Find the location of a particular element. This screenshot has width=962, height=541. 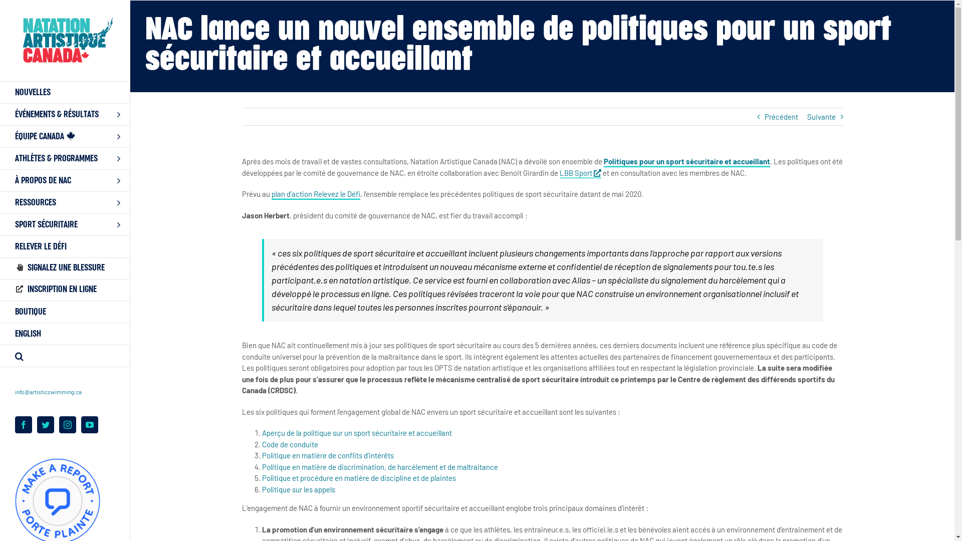

'Suivante' is located at coordinates (821, 116).